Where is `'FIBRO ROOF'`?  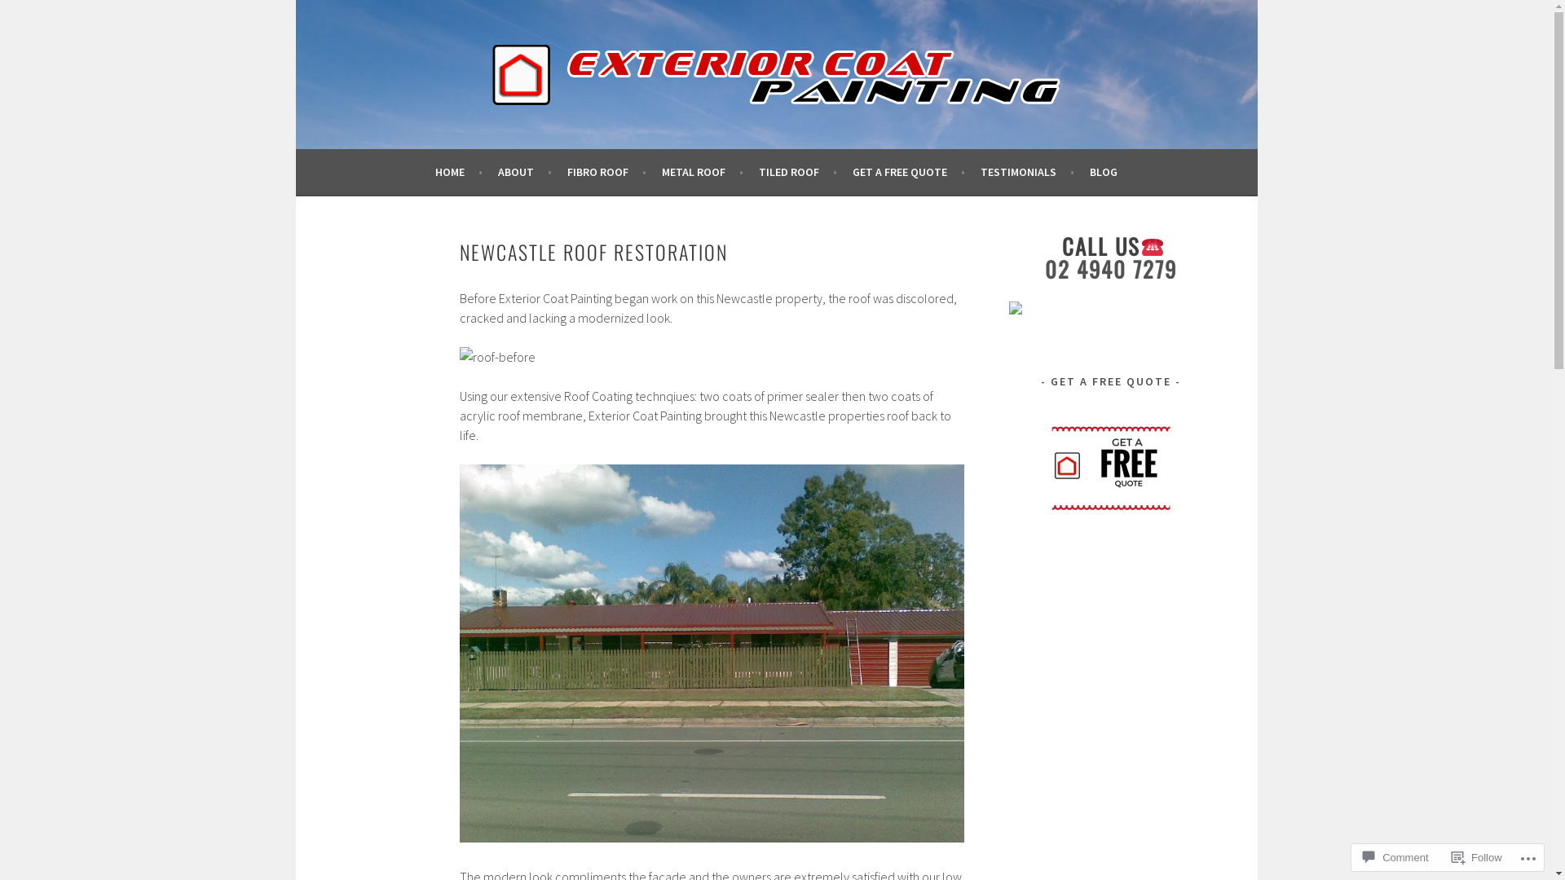
'FIBRO ROOF' is located at coordinates (606, 172).